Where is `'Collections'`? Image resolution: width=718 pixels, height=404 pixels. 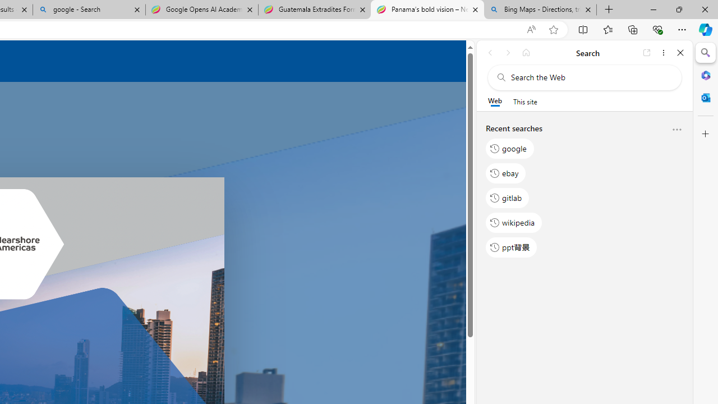 'Collections' is located at coordinates (633, 29).